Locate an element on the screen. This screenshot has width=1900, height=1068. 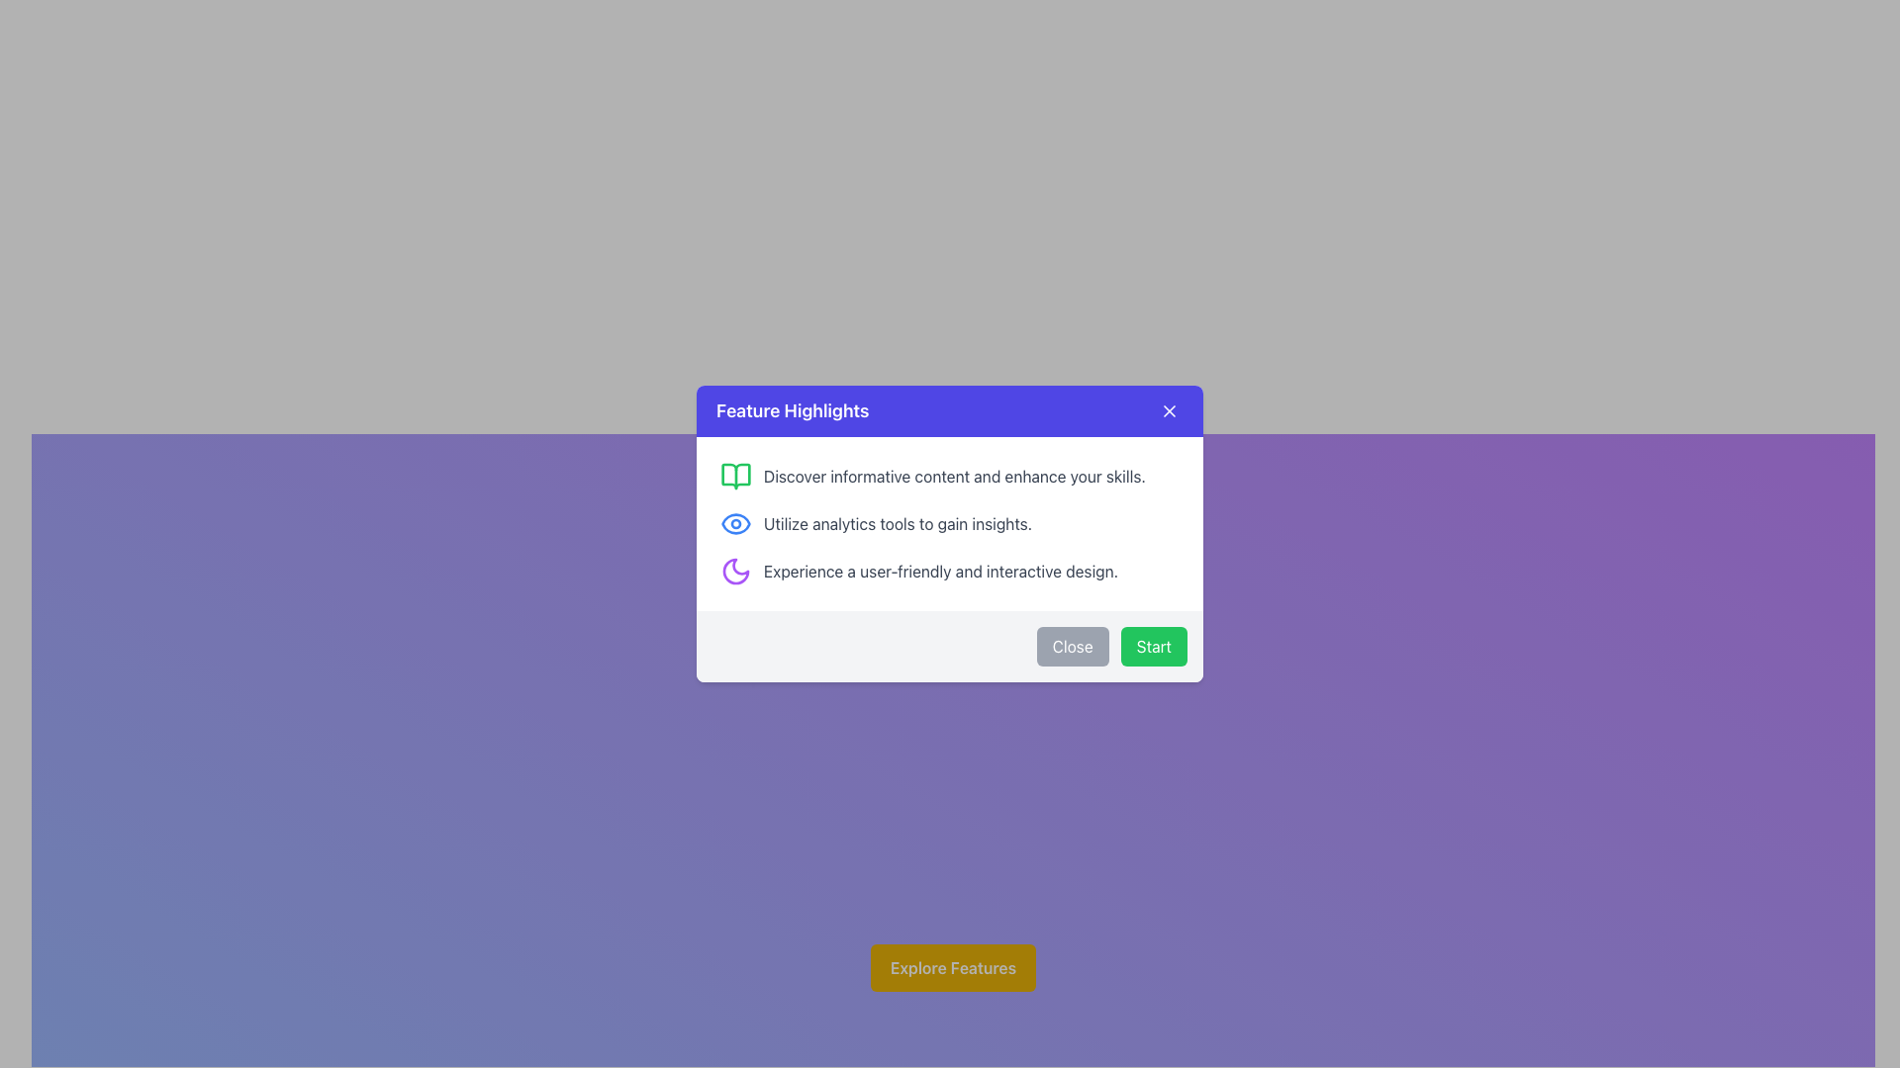
the button with a bright yellow background and white text that reads 'Explore Features' is located at coordinates (953, 967).